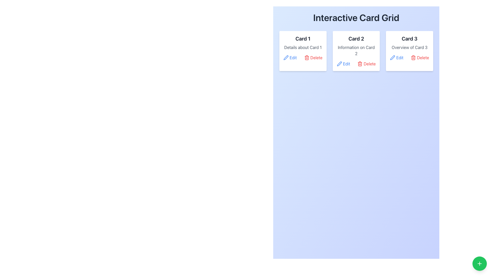  Describe the element at coordinates (346, 64) in the screenshot. I see `the hyperlink or interactive text component located at the bottom left corner of the second card to initiate editing` at that location.